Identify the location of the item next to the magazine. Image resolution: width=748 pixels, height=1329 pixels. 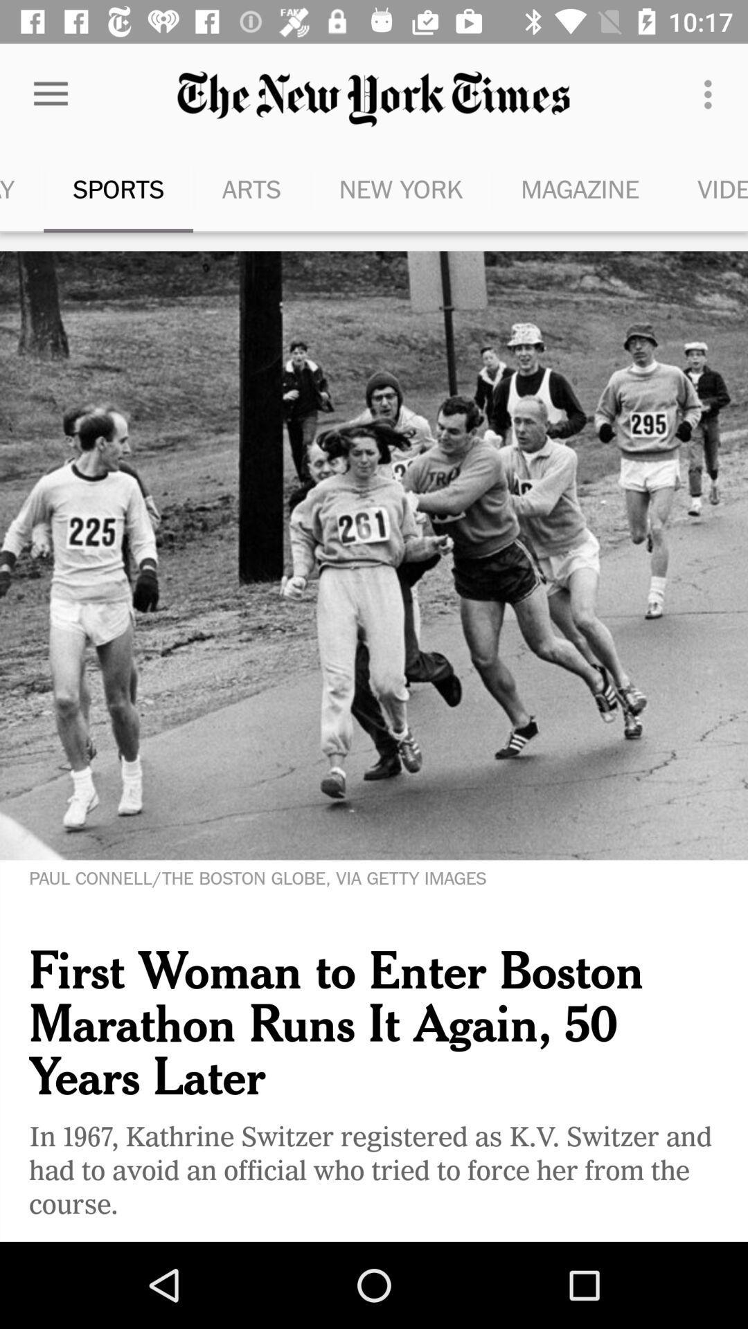
(708, 188).